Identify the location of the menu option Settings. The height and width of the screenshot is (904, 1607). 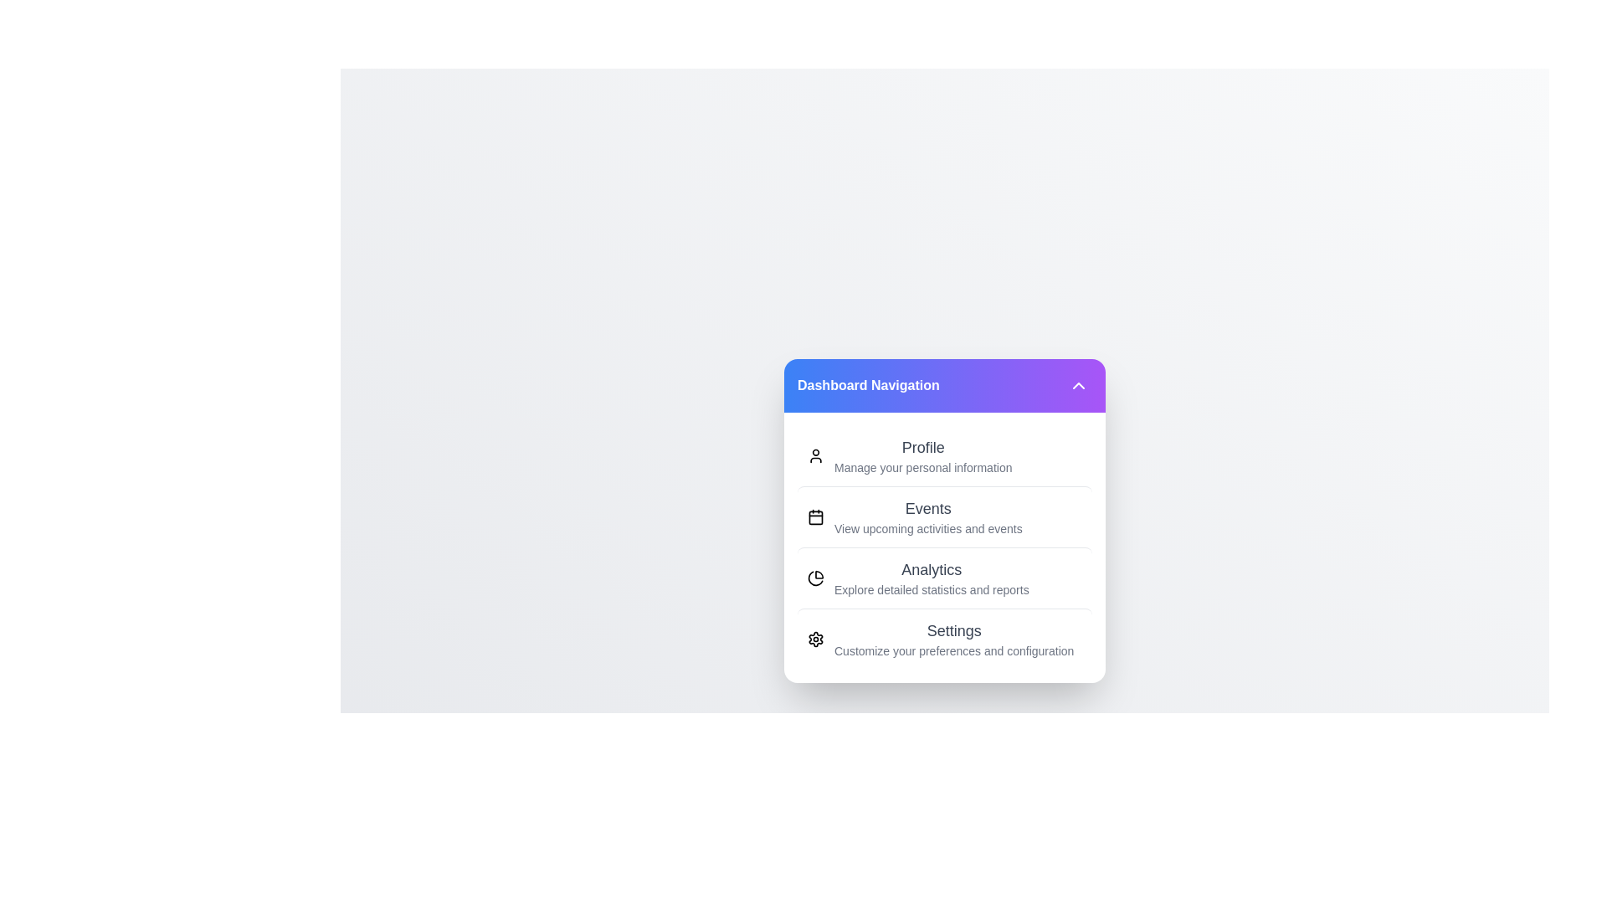
(944, 639).